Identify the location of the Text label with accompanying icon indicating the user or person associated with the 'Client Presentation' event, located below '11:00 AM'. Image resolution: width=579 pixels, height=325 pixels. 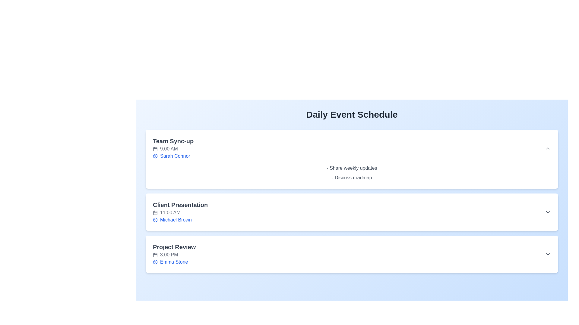
(180, 220).